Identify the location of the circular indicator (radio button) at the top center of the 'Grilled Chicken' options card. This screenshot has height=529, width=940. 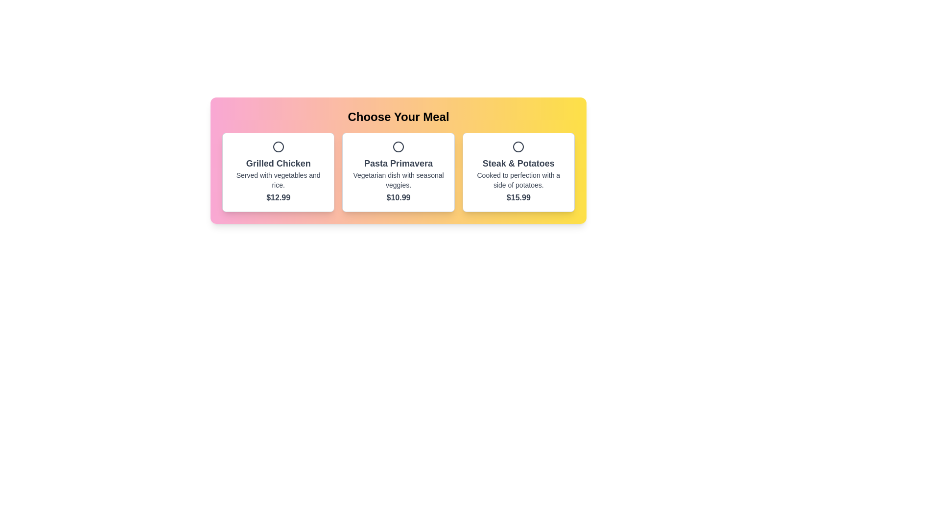
(278, 147).